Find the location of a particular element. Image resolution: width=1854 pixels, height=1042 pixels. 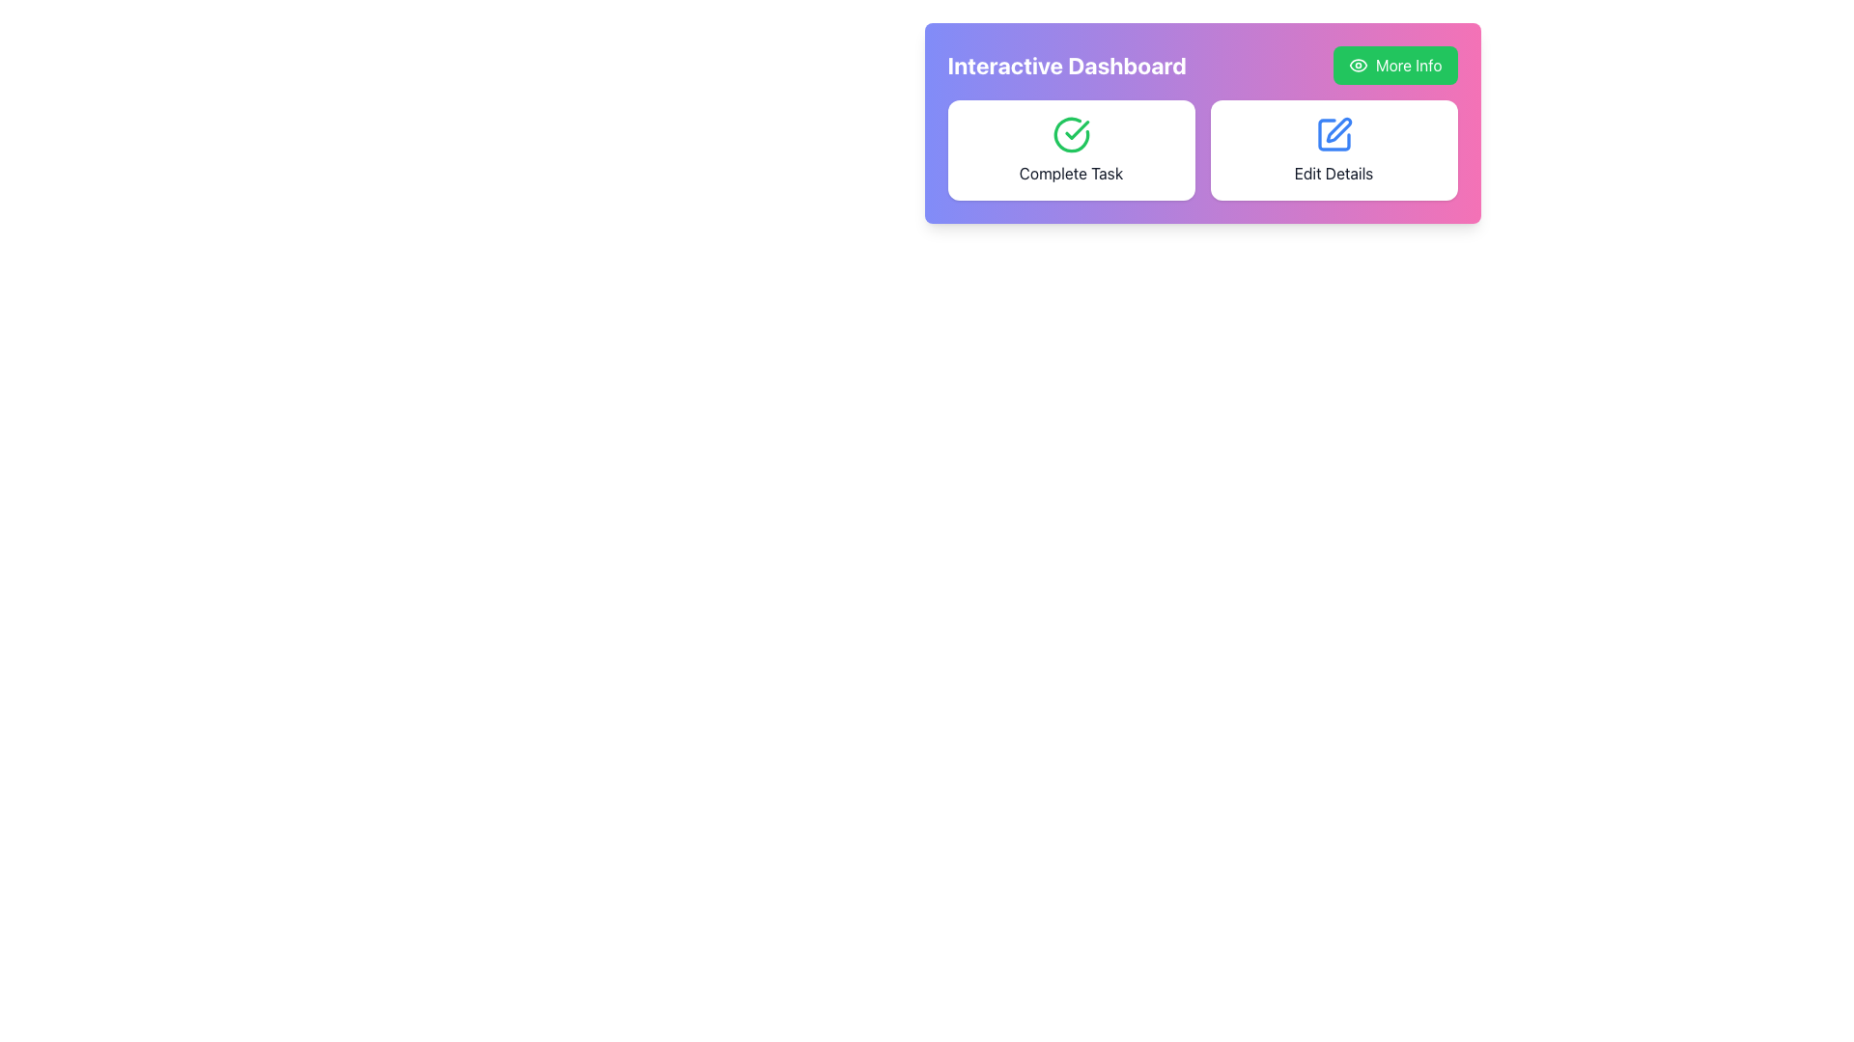

the small eye icon within the green rectangular button labeled 'More Info', located in the top-right corner of the interface is located at coordinates (1357, 65).